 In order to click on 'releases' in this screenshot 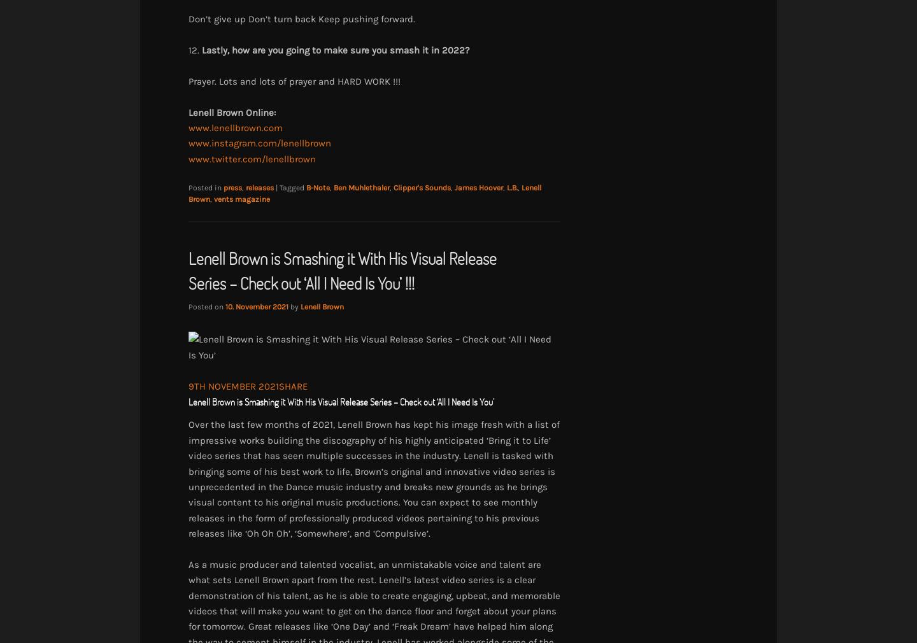, I will do `click(259, 188)`.